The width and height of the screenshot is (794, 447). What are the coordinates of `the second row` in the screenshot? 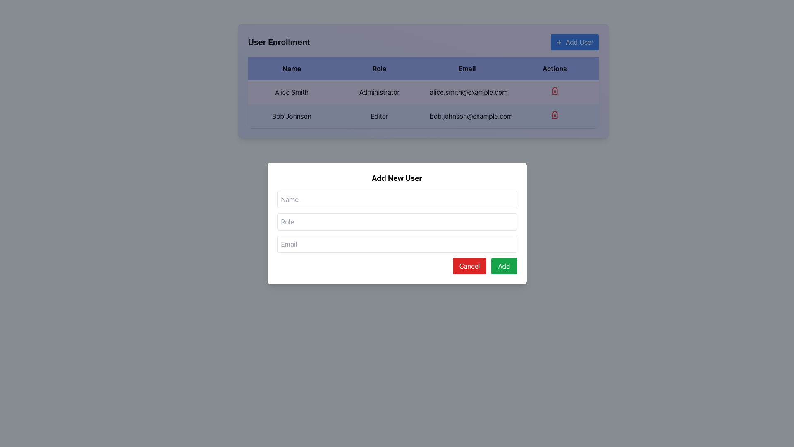 It's located at (423, 116).